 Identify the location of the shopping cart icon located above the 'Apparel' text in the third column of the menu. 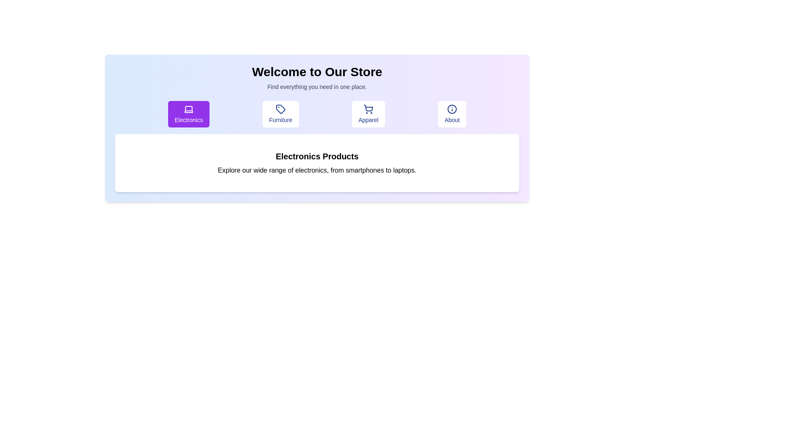
(368, 108).